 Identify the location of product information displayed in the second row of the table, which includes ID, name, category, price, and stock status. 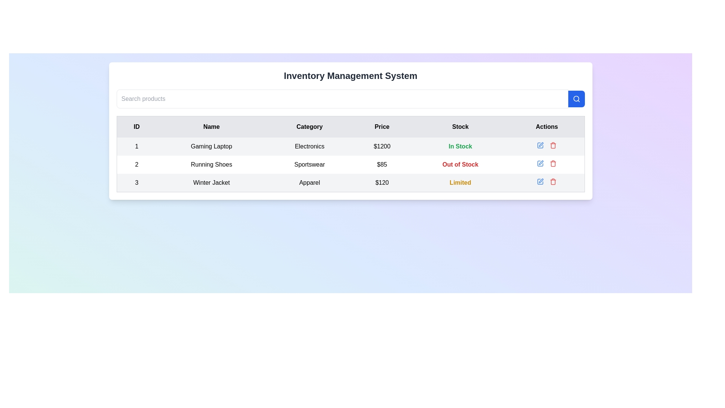
(350, 164).